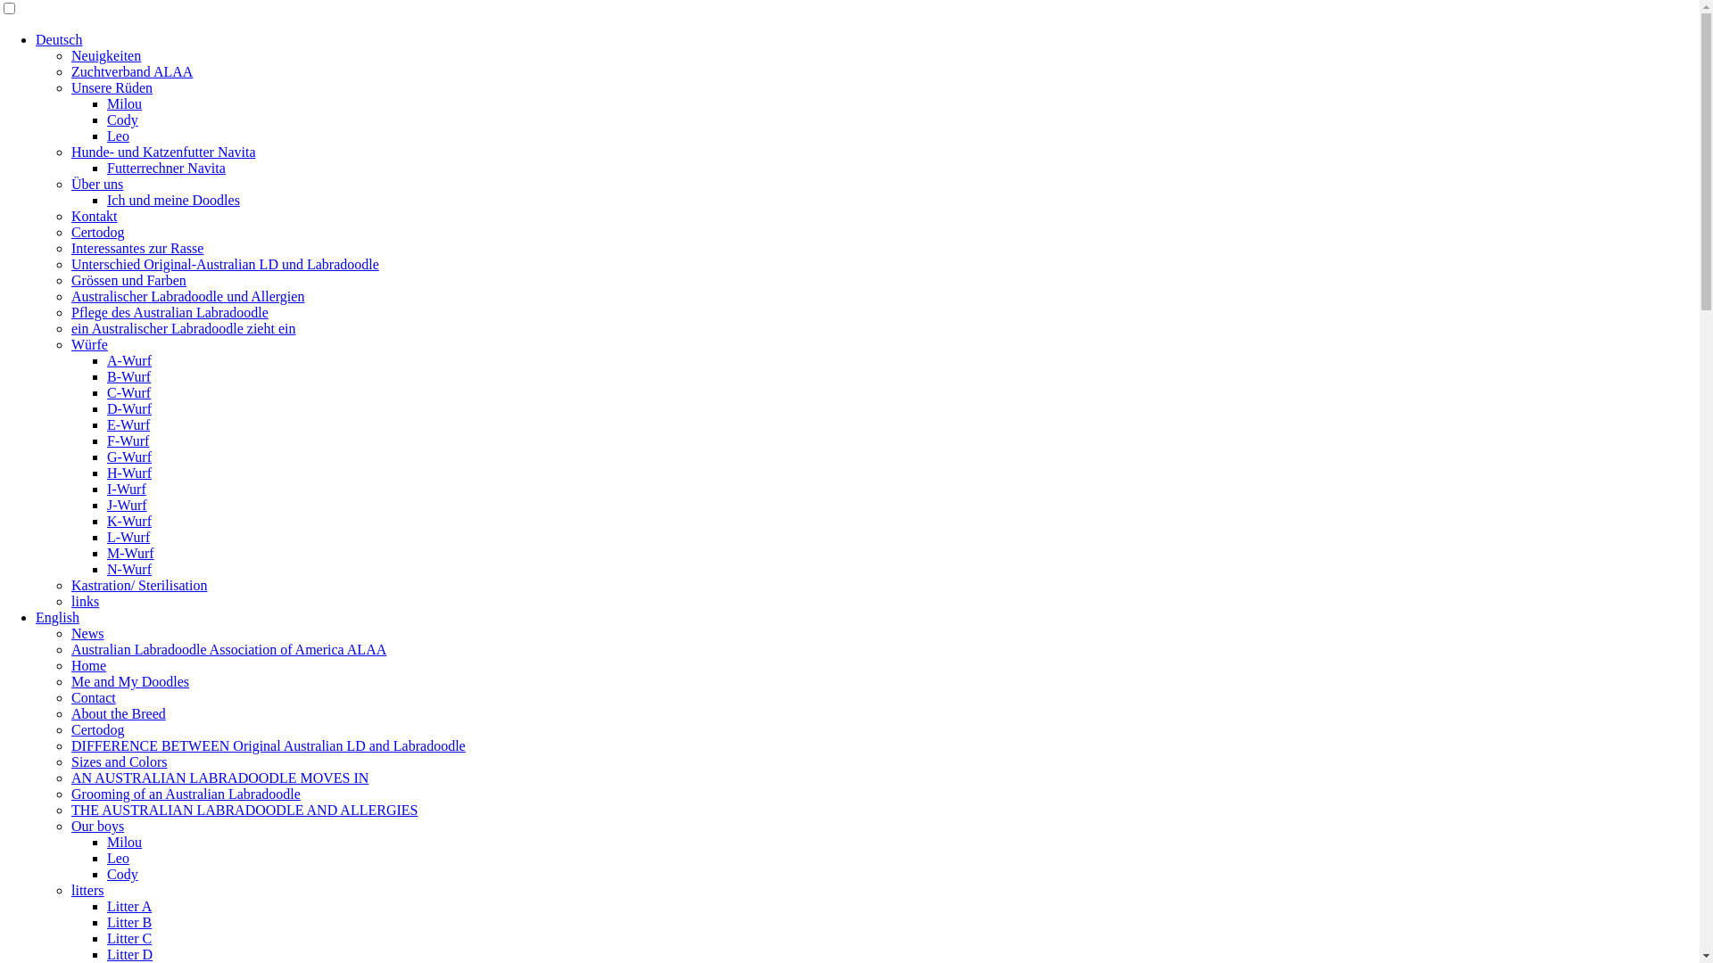 Image resolution: width=1713 pixels, height=963 pixels. I want to click on 'Milou', so click(123, 103).